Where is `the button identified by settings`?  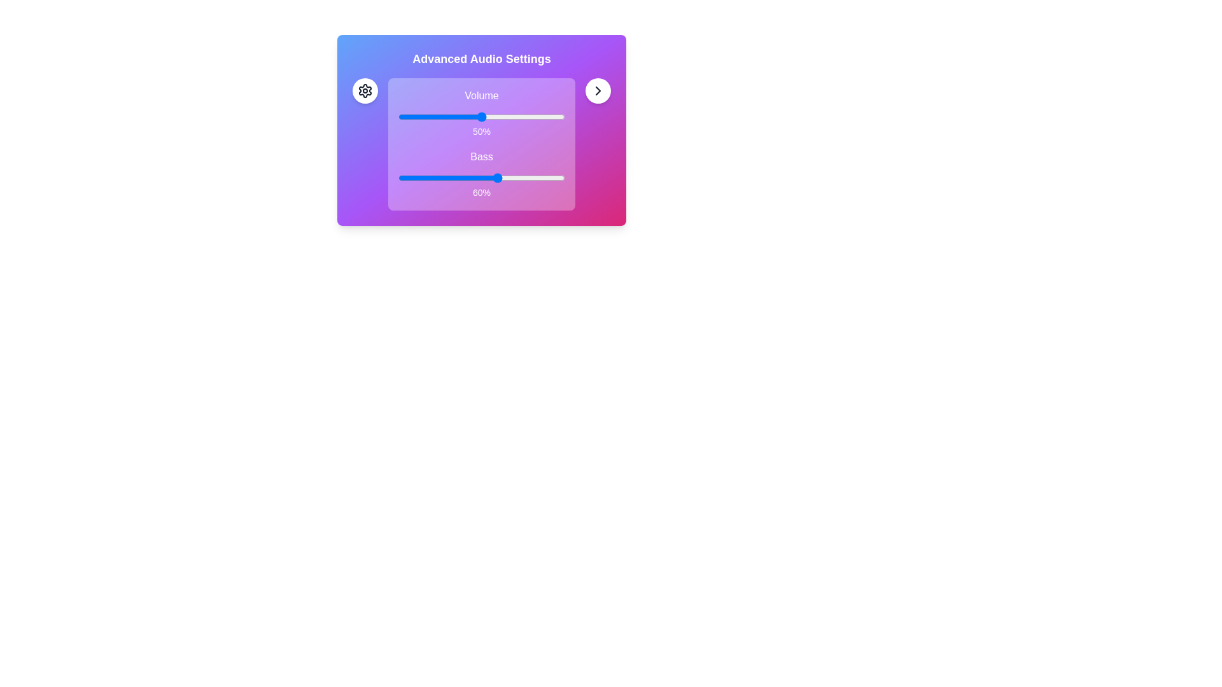
the button identified by settings is located at coordinates (365, 90).